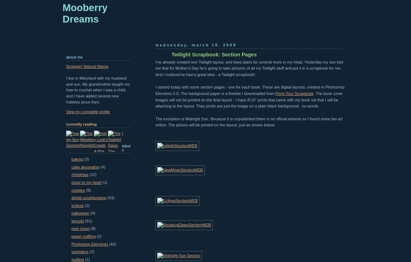  Describe the element at coordinates (98, 89) in the screenshot. I see `'I live in Maryland with my husband and son.  My grandmother taught me how to crochet when I was a child, and I have added several new hobbies since then.'` at that location.